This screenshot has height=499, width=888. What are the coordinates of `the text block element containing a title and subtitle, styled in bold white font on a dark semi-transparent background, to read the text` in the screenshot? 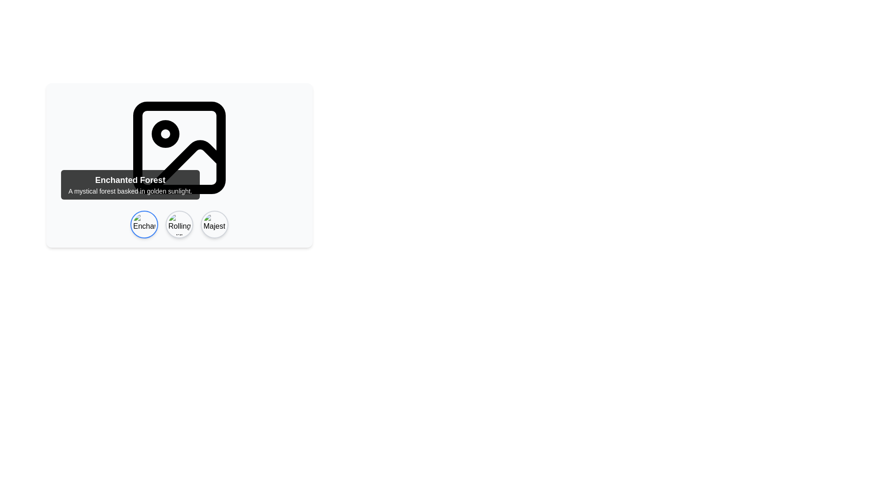 It's located at (129, 185).